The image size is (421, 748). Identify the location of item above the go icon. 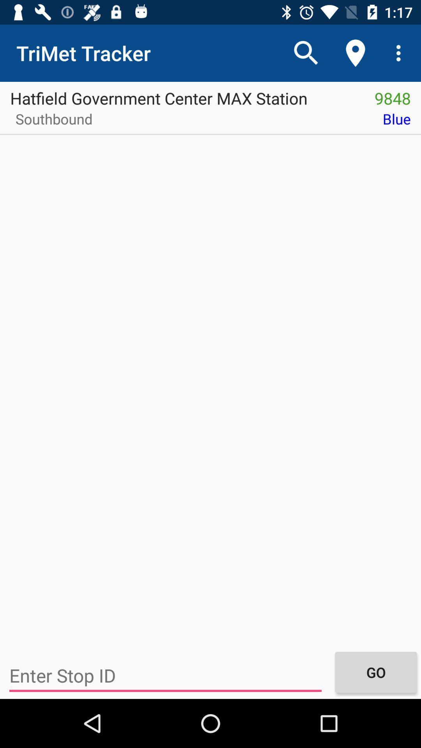
(262, 121).